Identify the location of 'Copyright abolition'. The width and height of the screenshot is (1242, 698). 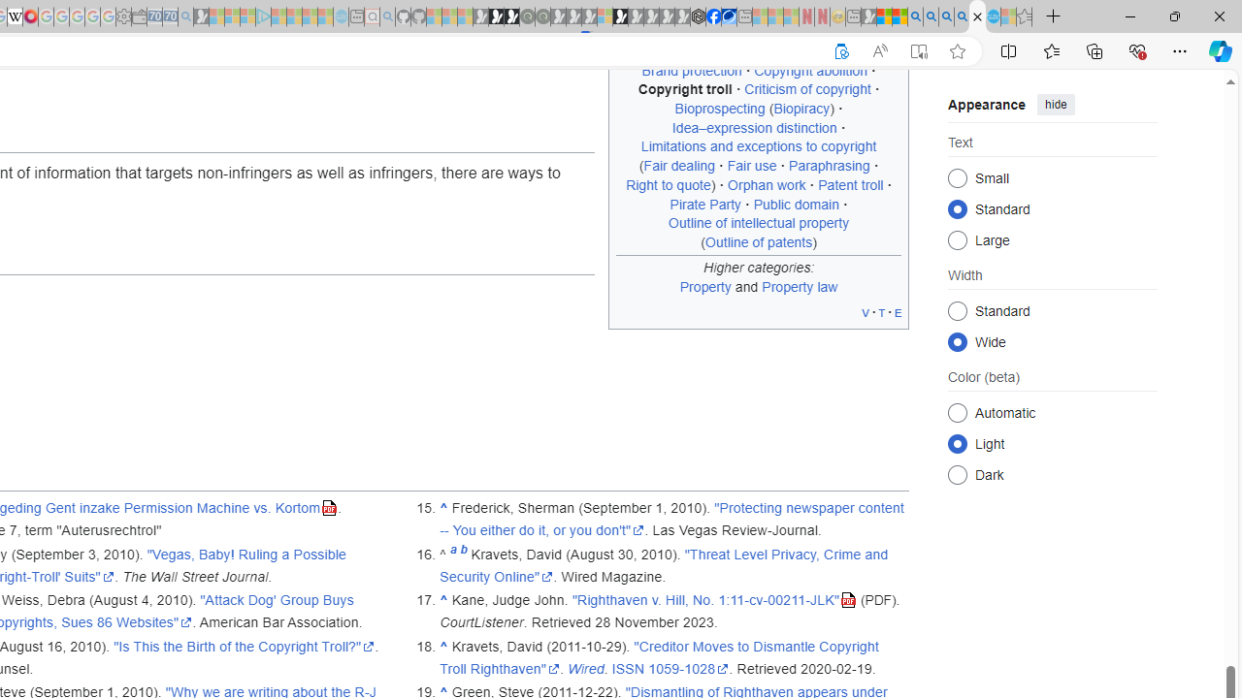
(810, 69).